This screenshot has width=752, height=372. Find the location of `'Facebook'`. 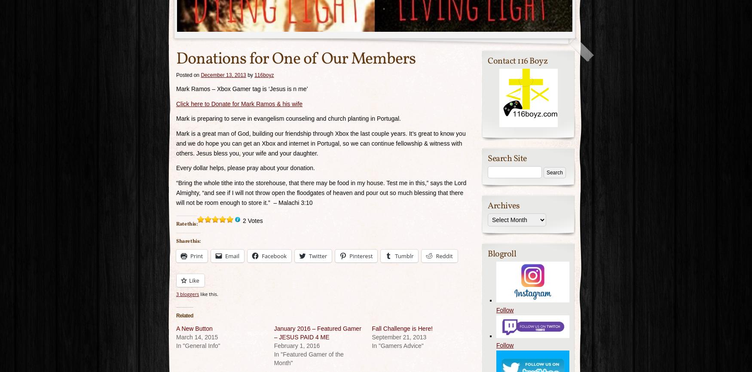

'Facebook' is located at coordinates (274, 256).